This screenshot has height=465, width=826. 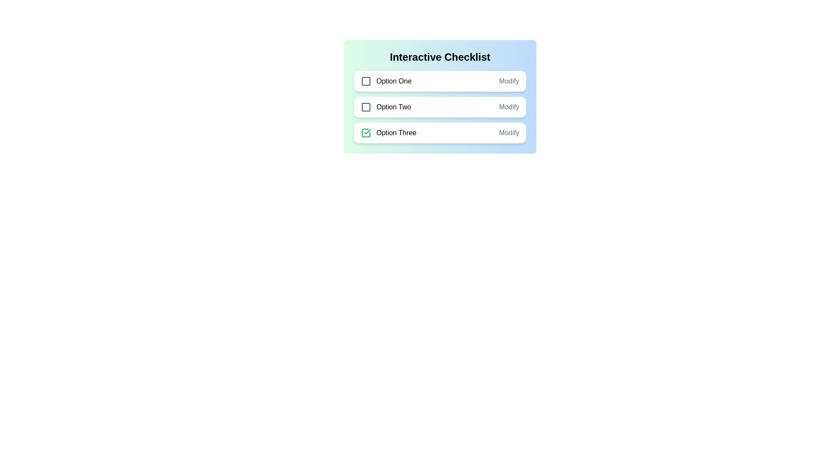 I want to click on the 'Modify' label next to Option Two, so click(x=509, y=107).